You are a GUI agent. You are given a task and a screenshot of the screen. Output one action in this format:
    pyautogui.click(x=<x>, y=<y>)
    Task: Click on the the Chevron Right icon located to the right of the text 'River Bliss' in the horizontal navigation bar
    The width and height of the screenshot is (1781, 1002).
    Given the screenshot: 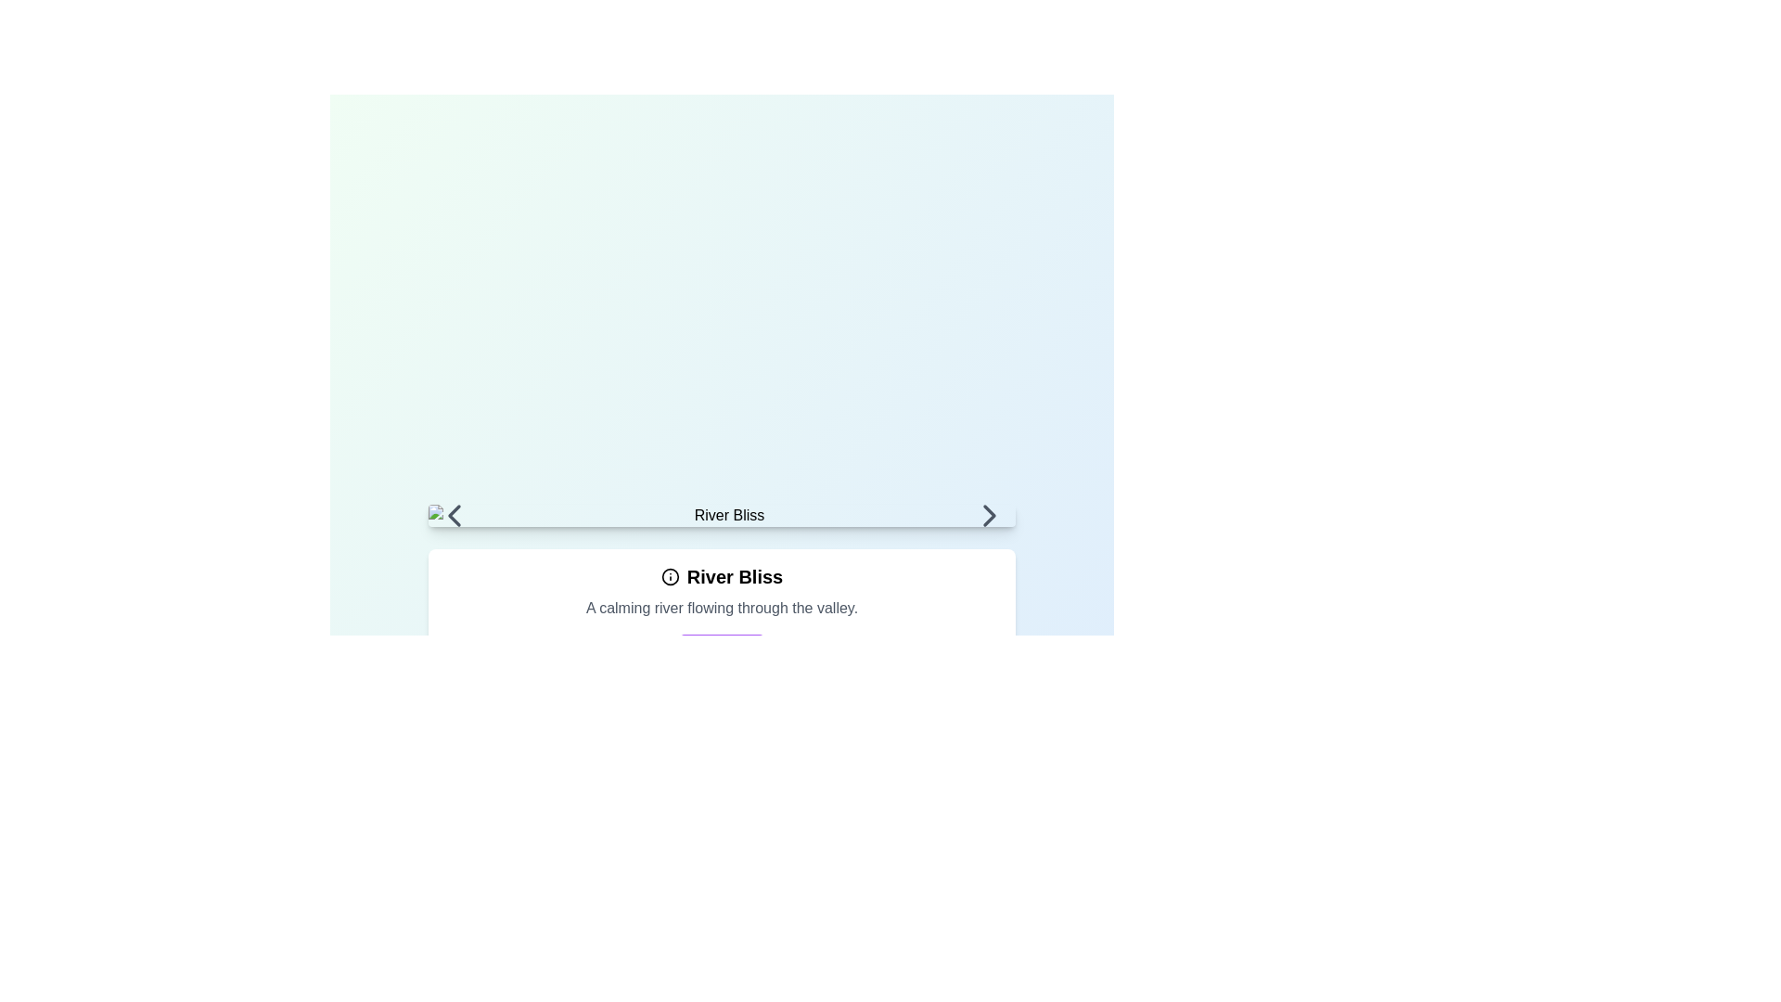 What is the action you would take?
    pyautogui.click(x=988, y=515)
    